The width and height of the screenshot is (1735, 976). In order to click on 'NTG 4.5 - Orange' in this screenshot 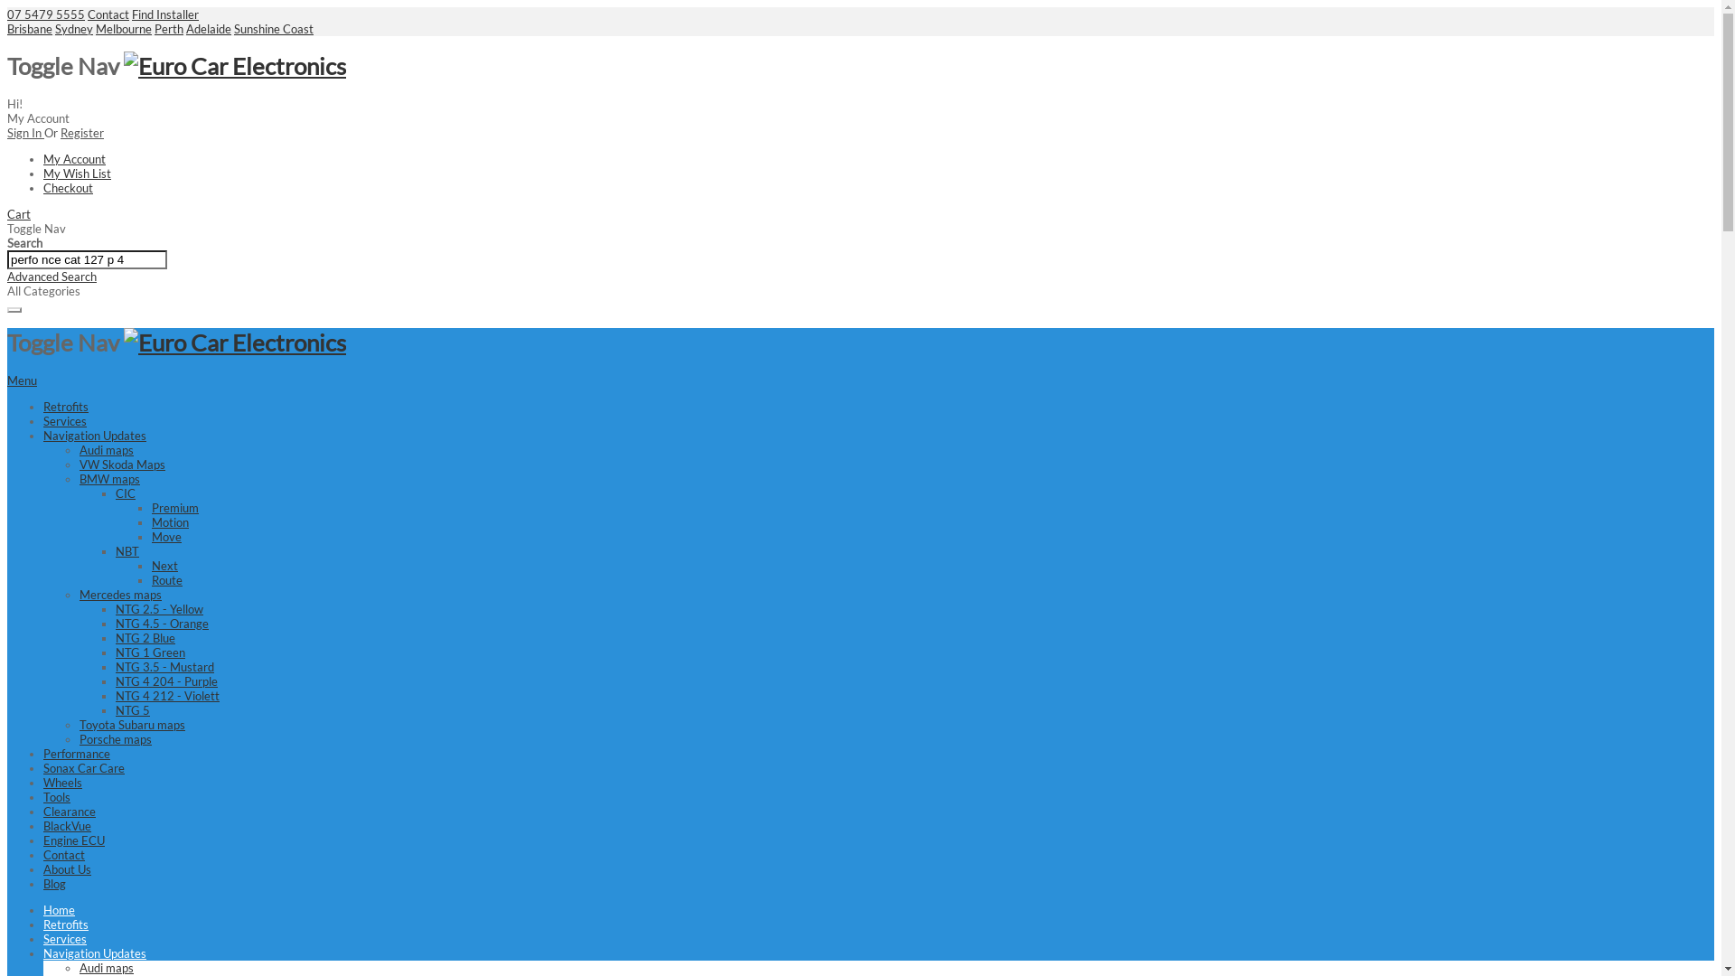, I will do `click(162, 623)`.